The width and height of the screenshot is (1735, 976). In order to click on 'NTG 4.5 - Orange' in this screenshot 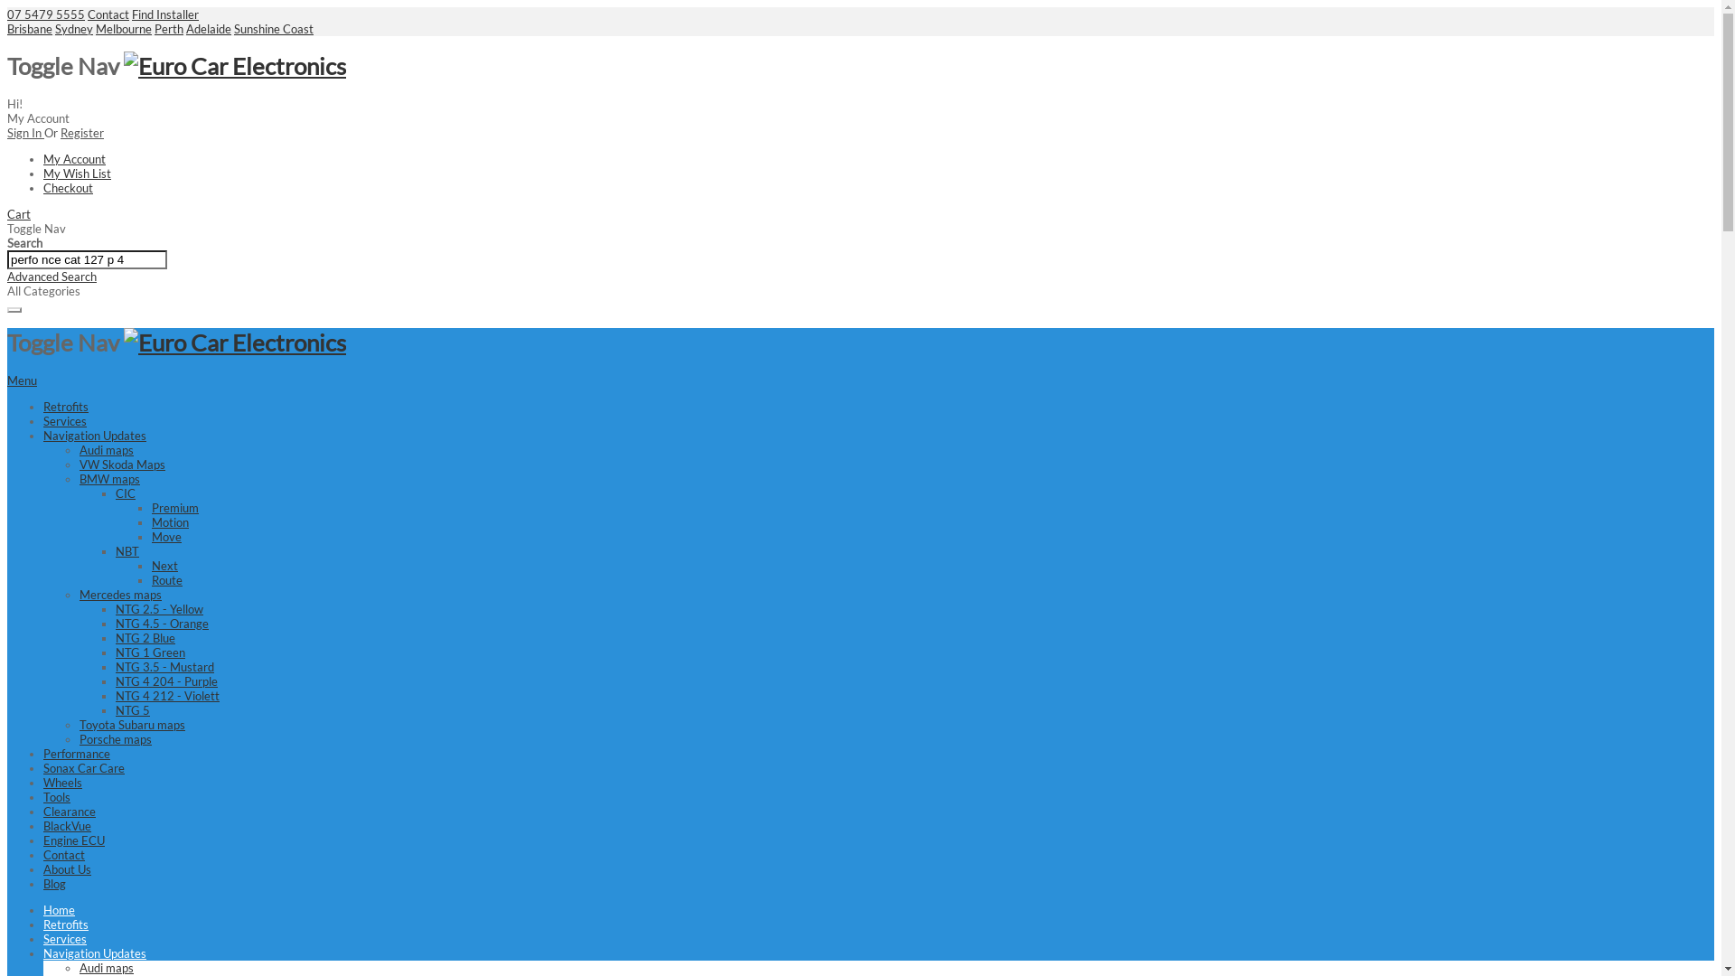, I will do `click(162, 623)`.